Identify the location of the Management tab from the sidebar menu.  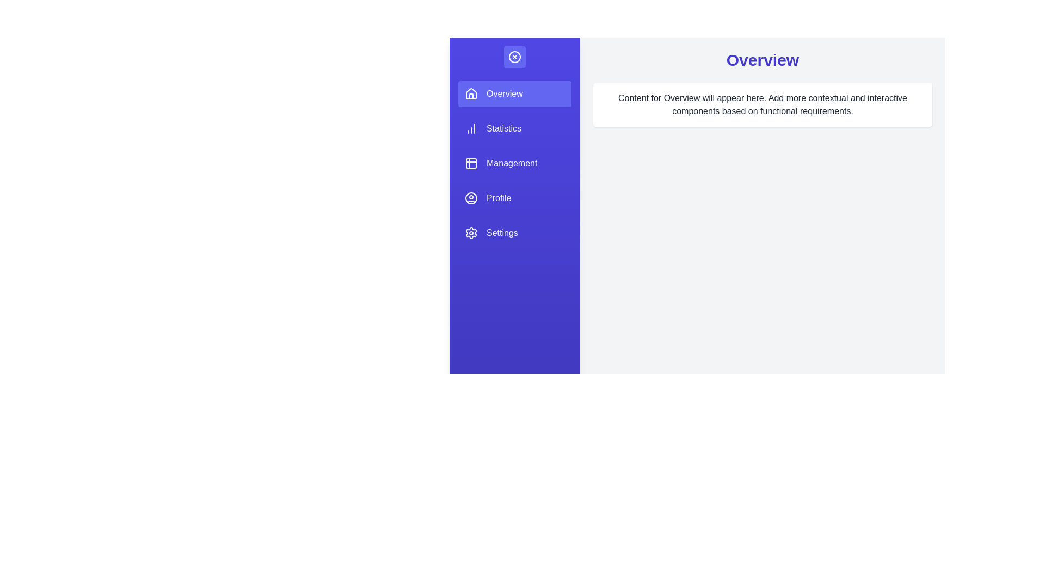
(514, 163).